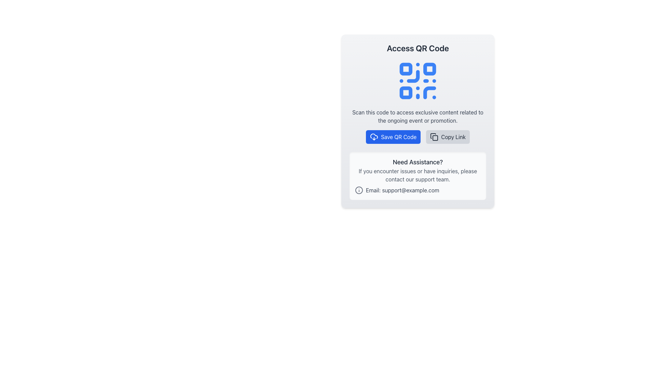  I want to click on the blue 'Save QR Code' button with rounded corners, featuring a downward cloud icon and white text, so click(418, 137).